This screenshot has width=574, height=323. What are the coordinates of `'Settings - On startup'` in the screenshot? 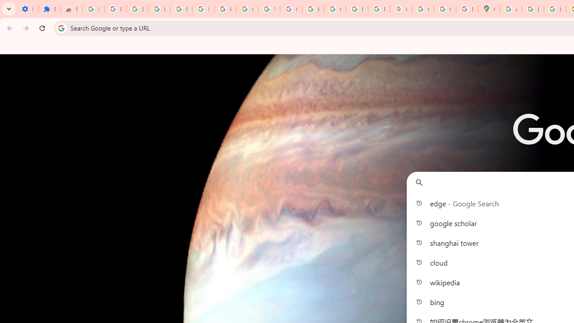 It's located at (27, 9).